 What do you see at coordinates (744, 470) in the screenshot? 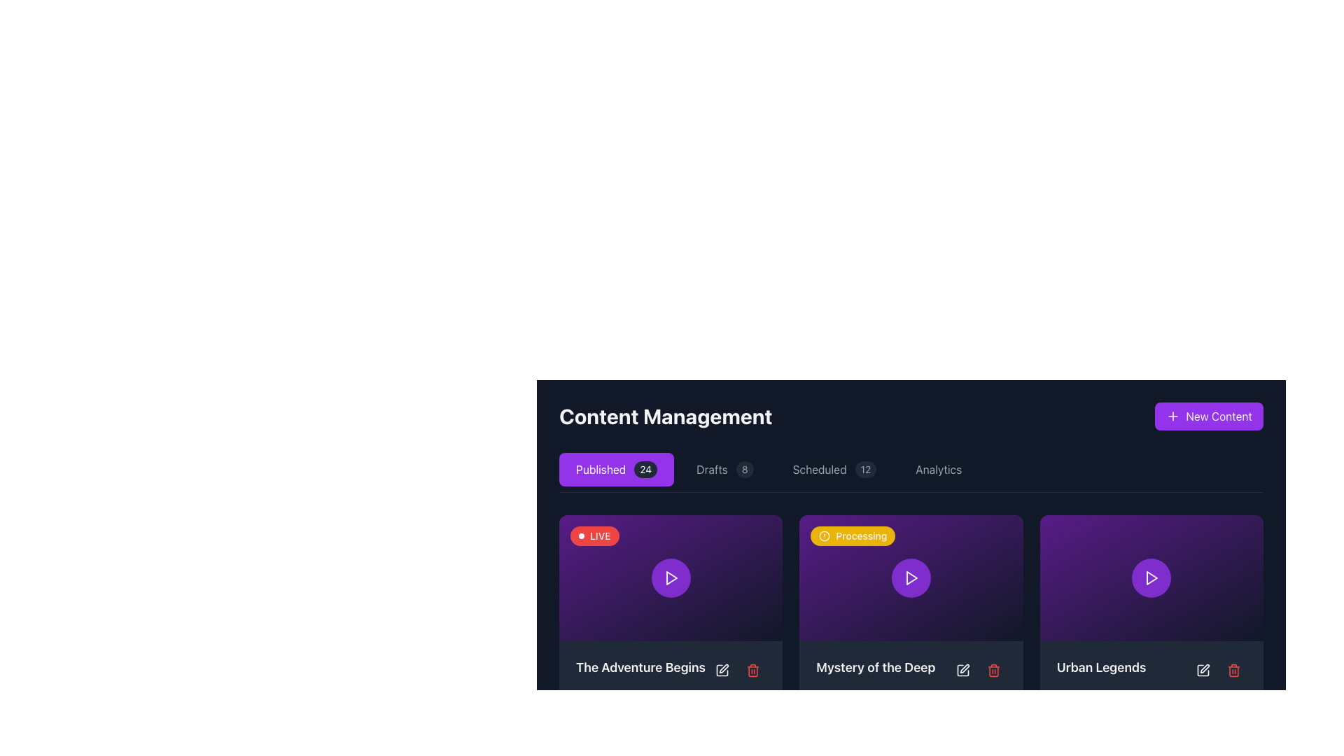
I see `the 'Drafts' badge, which displays the count of items (8) associated with the 'Drafts' category, located to the right of the 'Drafts' text in the 'Content Management' section` at bounding box center [744, 470].